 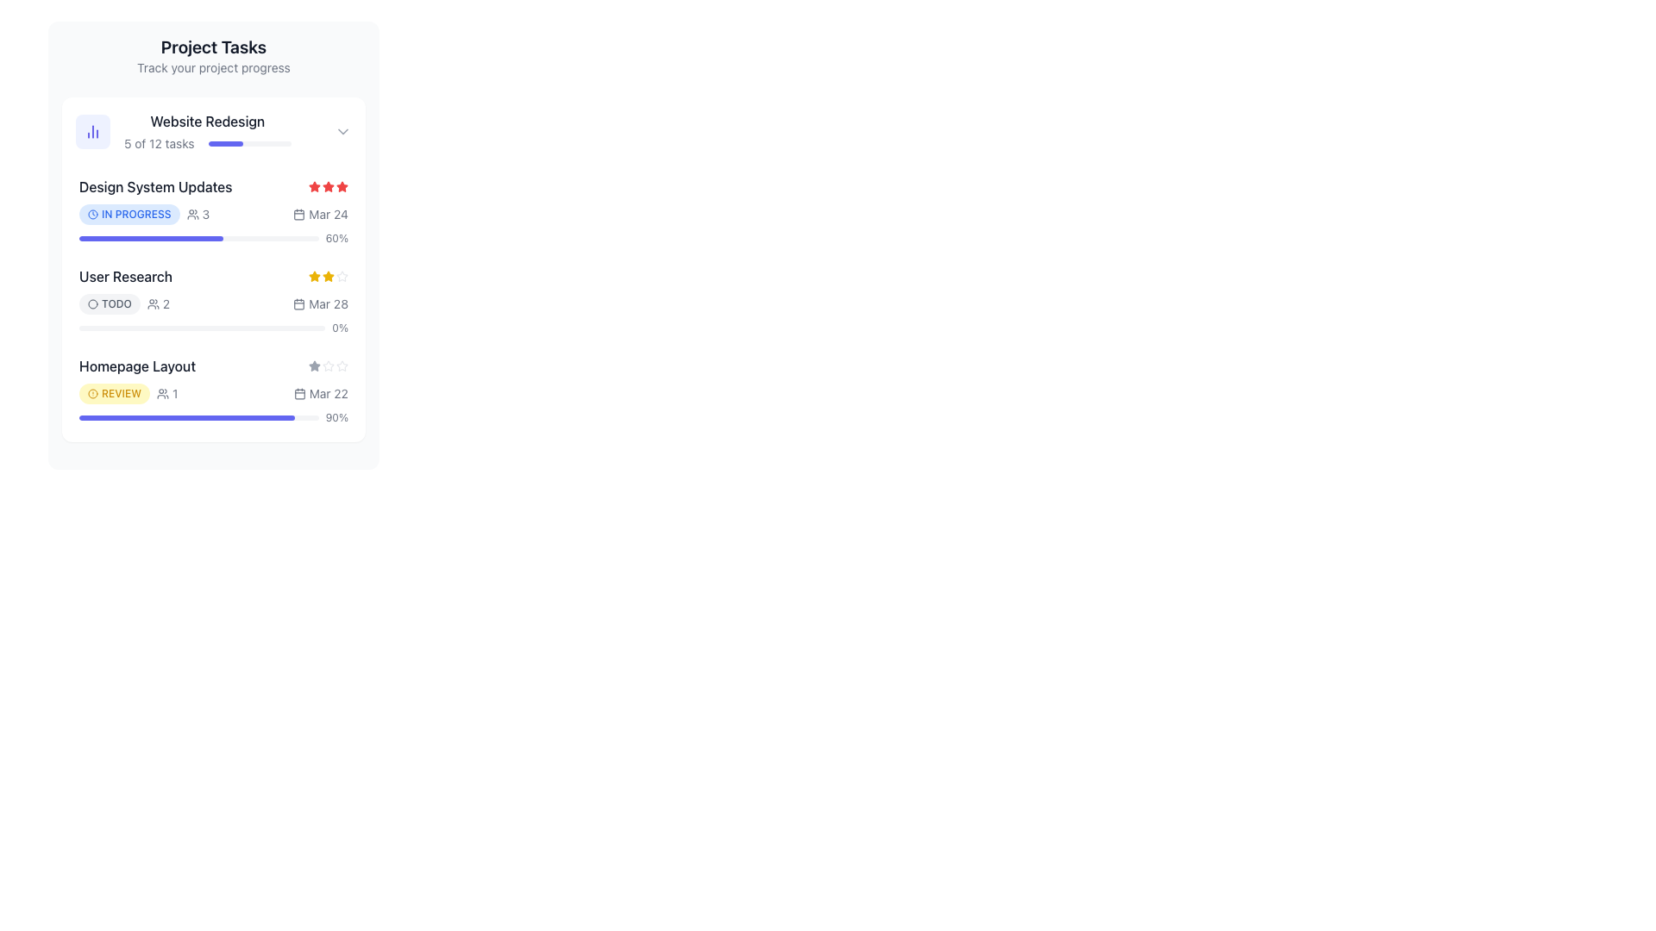 What do you see at coordinates (92, 393) in the screenshot?
I see `the small circular alert icon with a hollow outline and diagonal line, located to the left of the 'REVIEW' label under the 'Homepage Layout' task` at bounding box center [92, 393].